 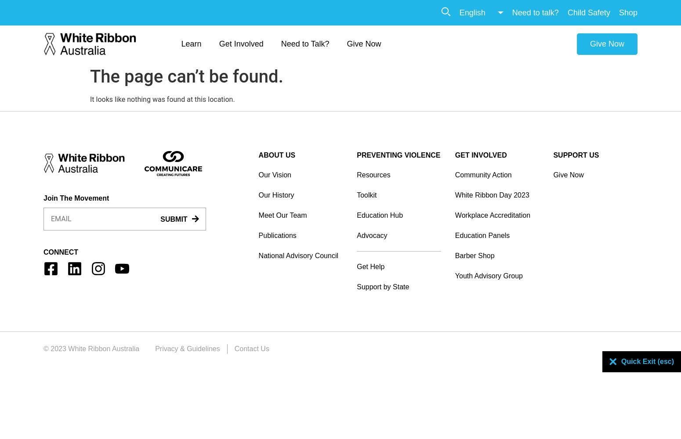 I want to click on 'Youth Advisory Group', so click(x=454, y=275).